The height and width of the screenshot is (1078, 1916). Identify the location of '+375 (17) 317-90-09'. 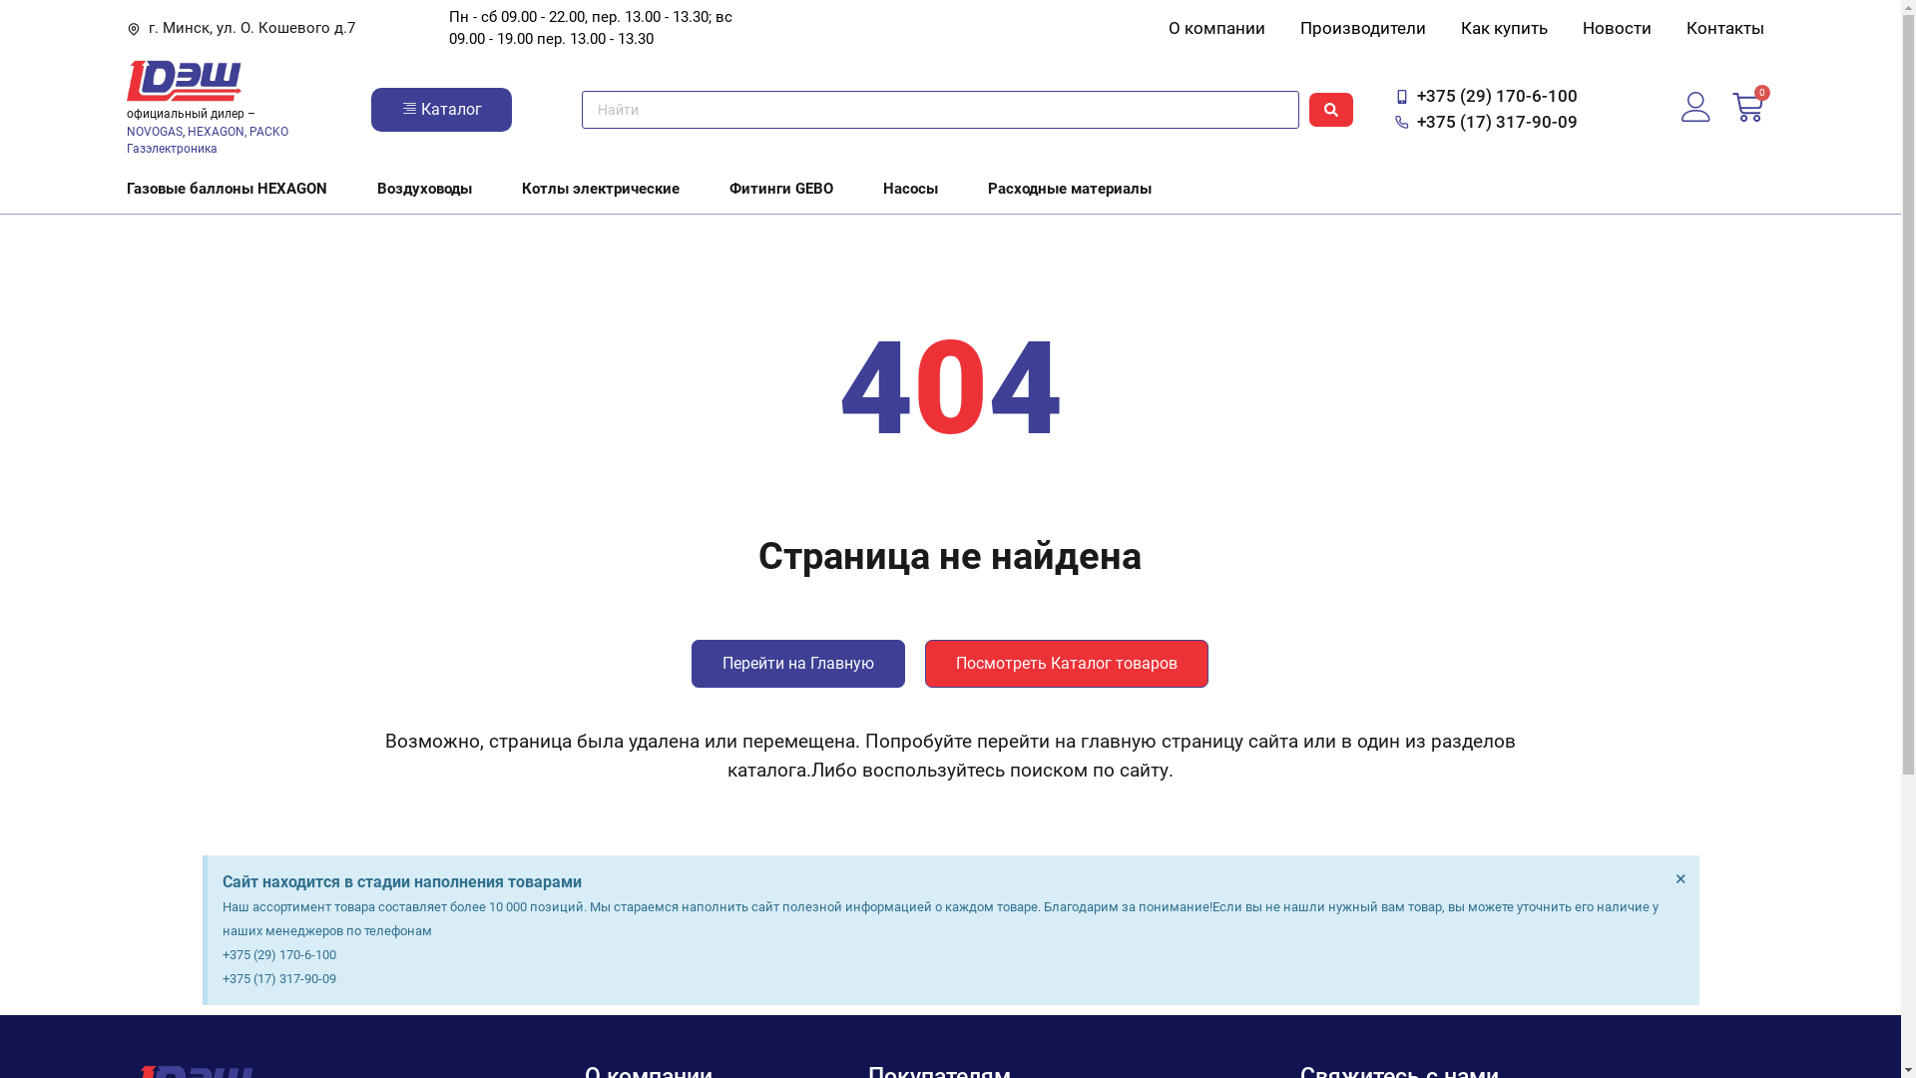
(1393, 123).